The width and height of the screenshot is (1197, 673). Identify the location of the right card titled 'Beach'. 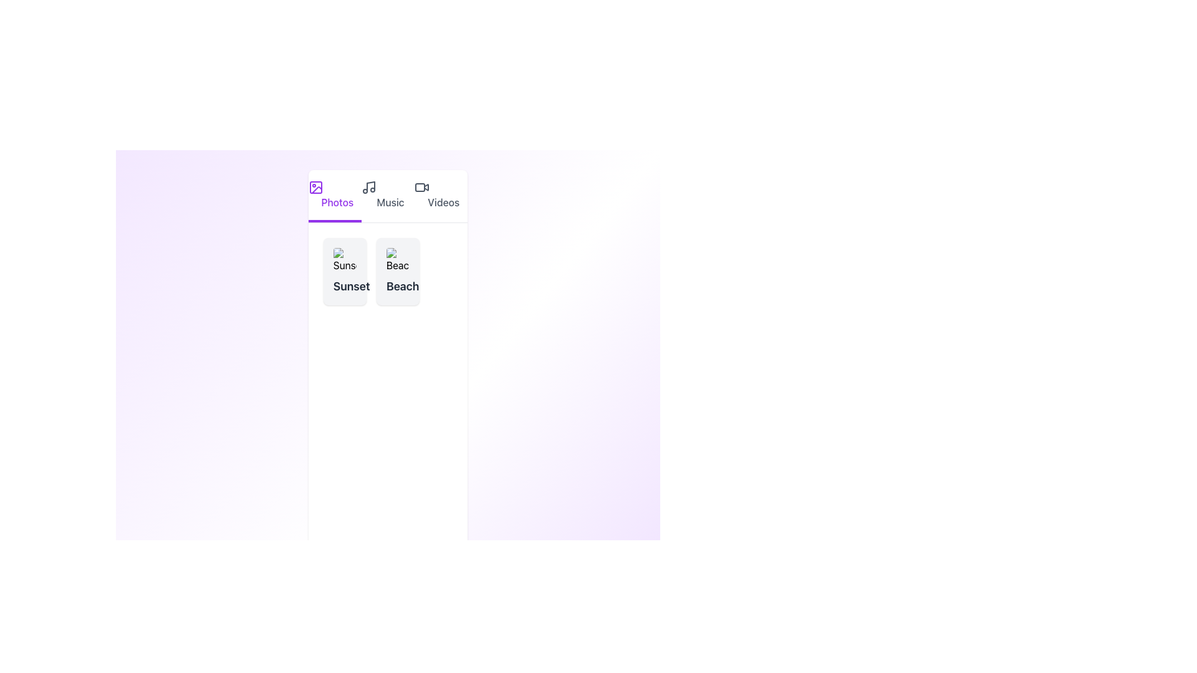
(387, 270).